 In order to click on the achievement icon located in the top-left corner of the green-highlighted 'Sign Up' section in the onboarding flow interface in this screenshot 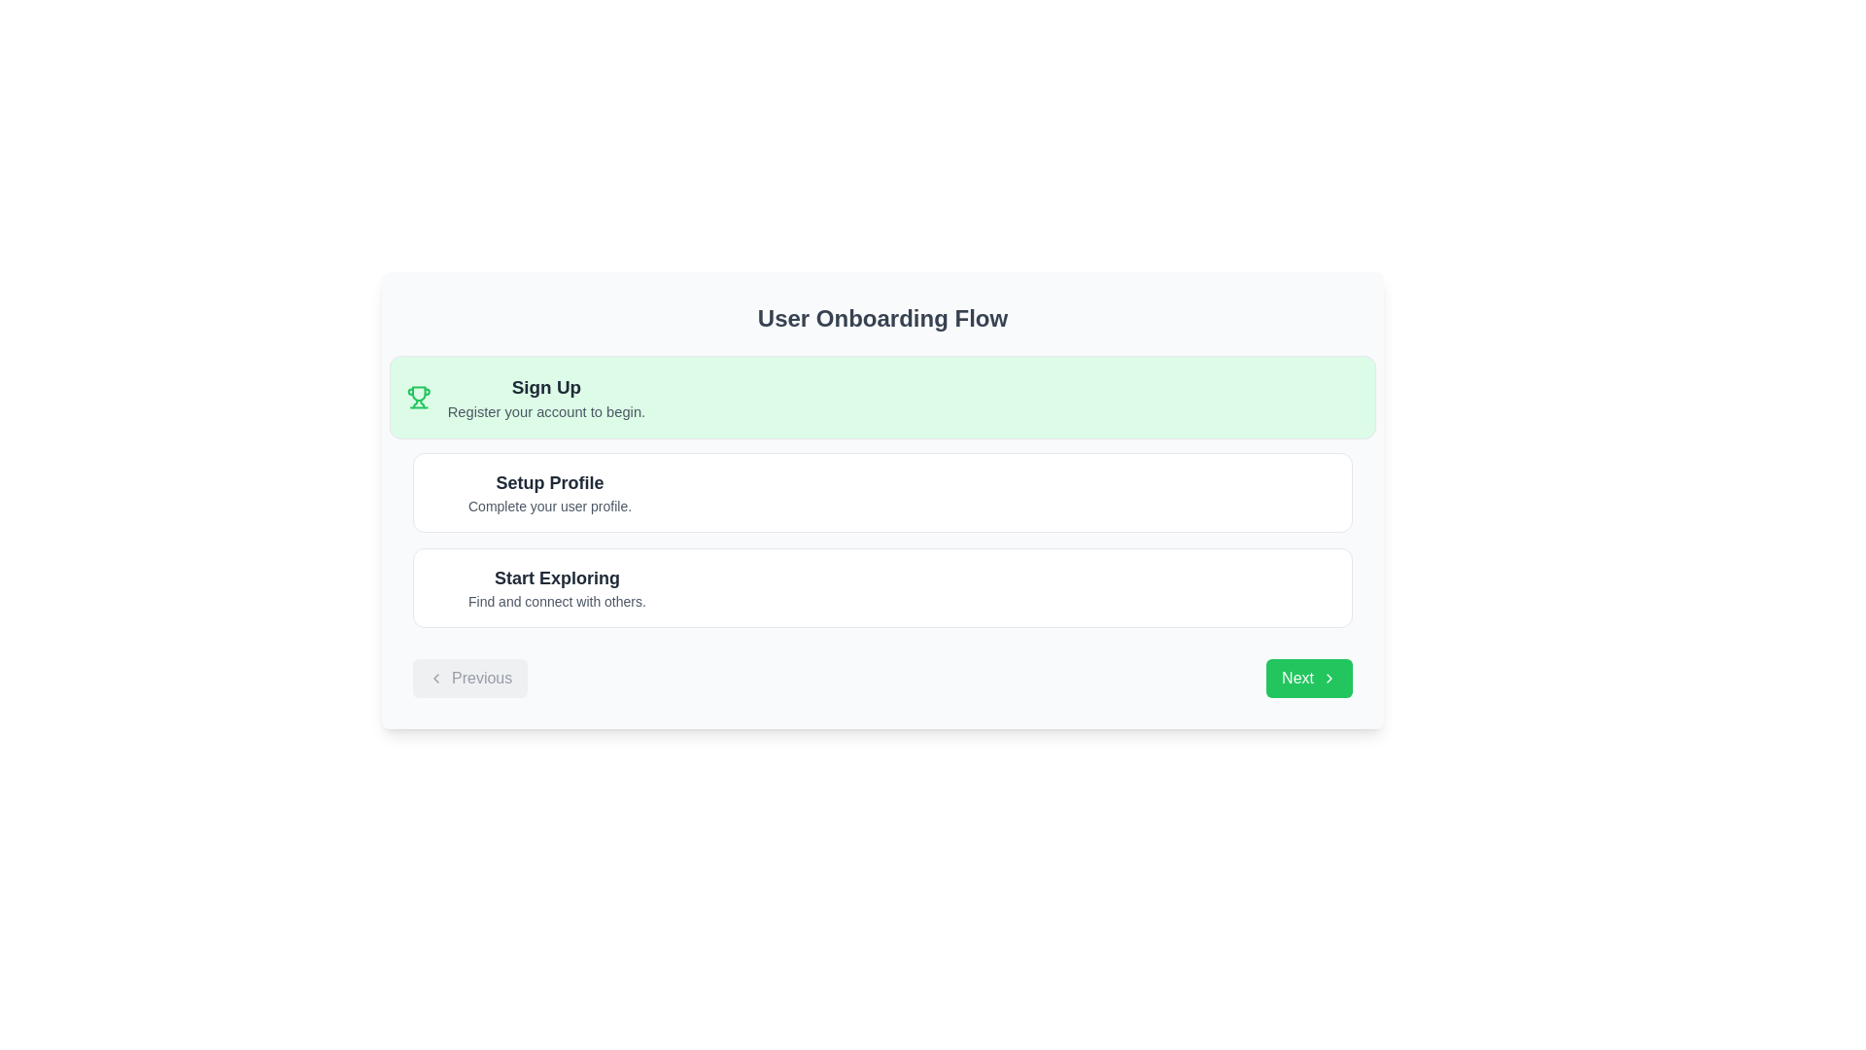, I will do `click(418, 396)`.